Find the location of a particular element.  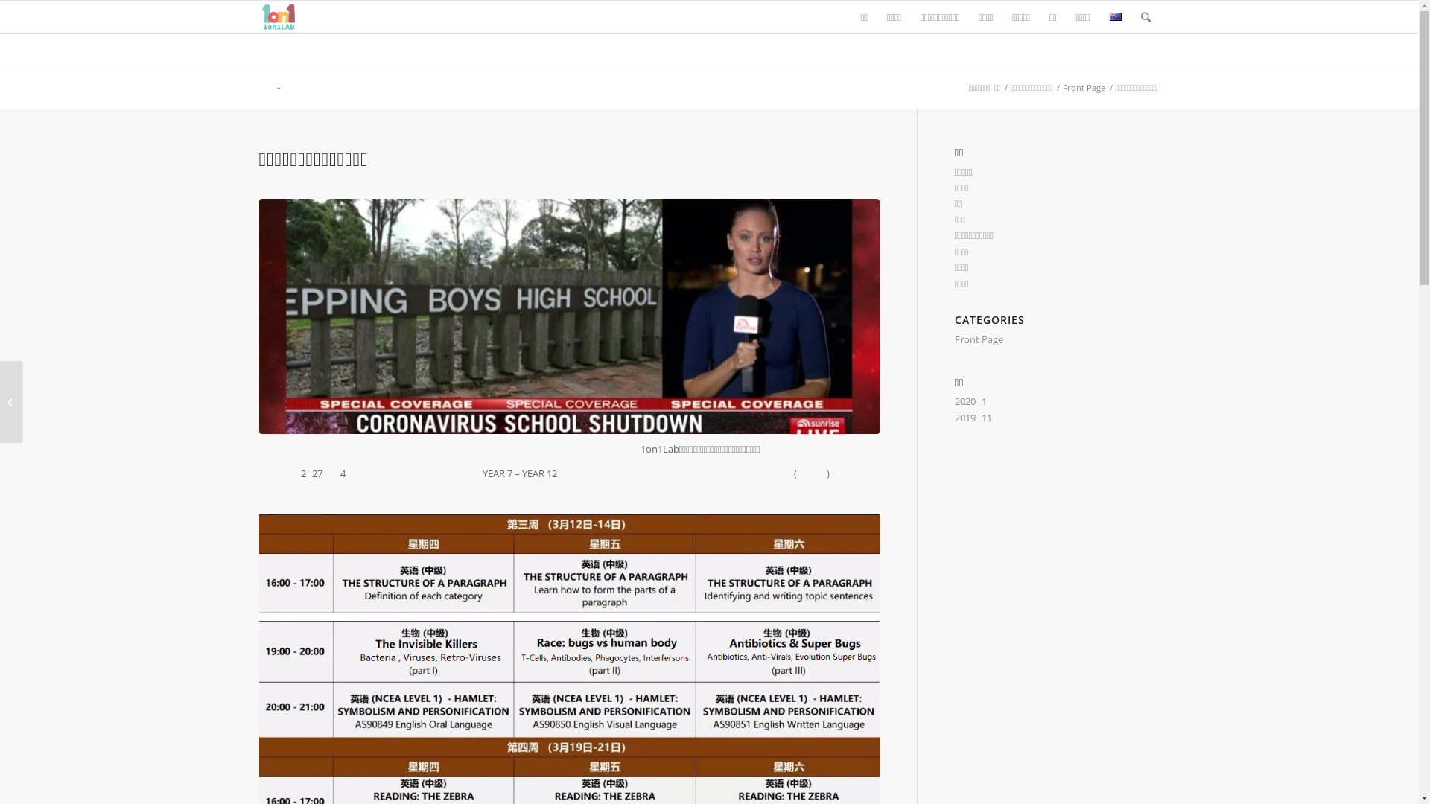

'English' is located at coordinates (1115, 16).